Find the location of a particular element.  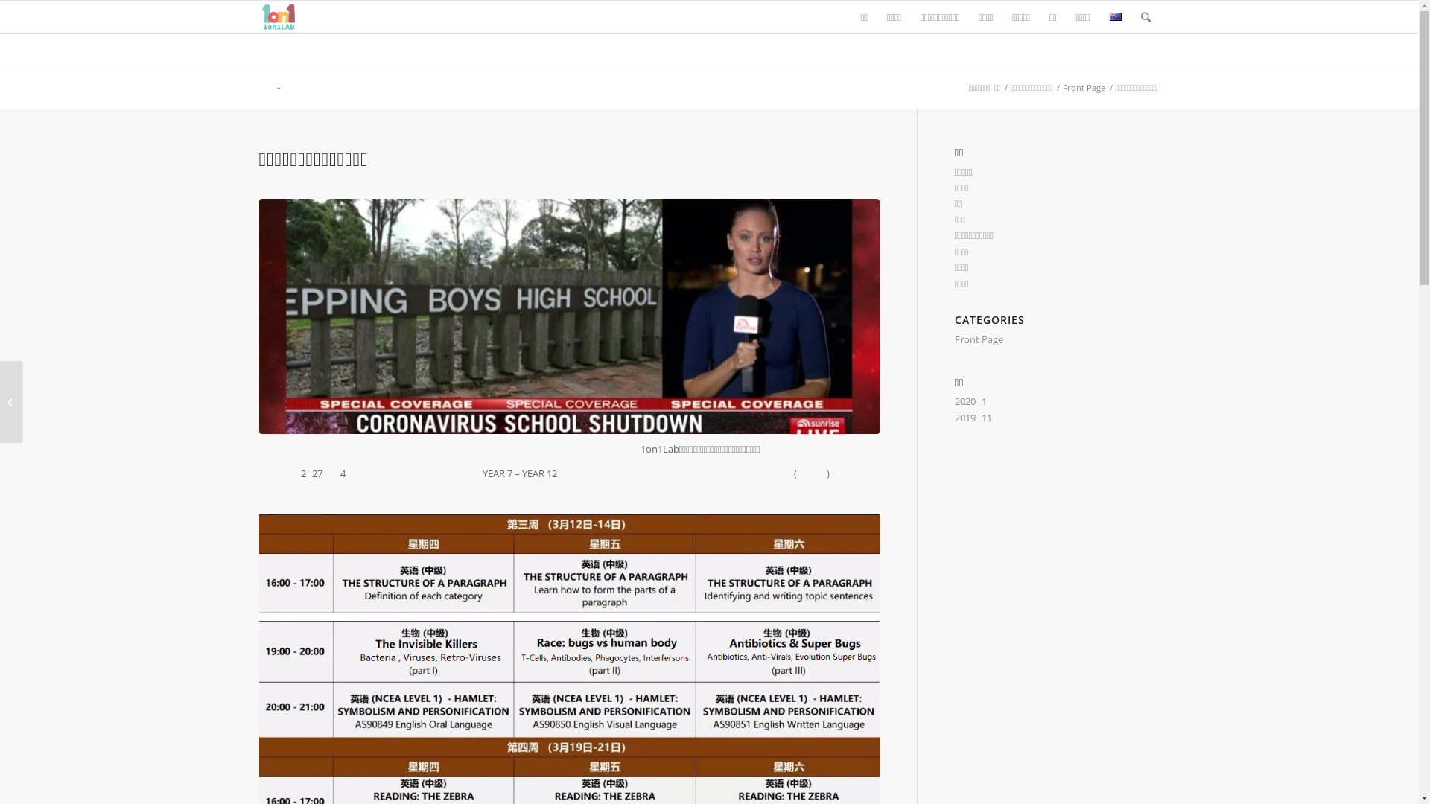

'English' is located at coordinates (1115, 16).